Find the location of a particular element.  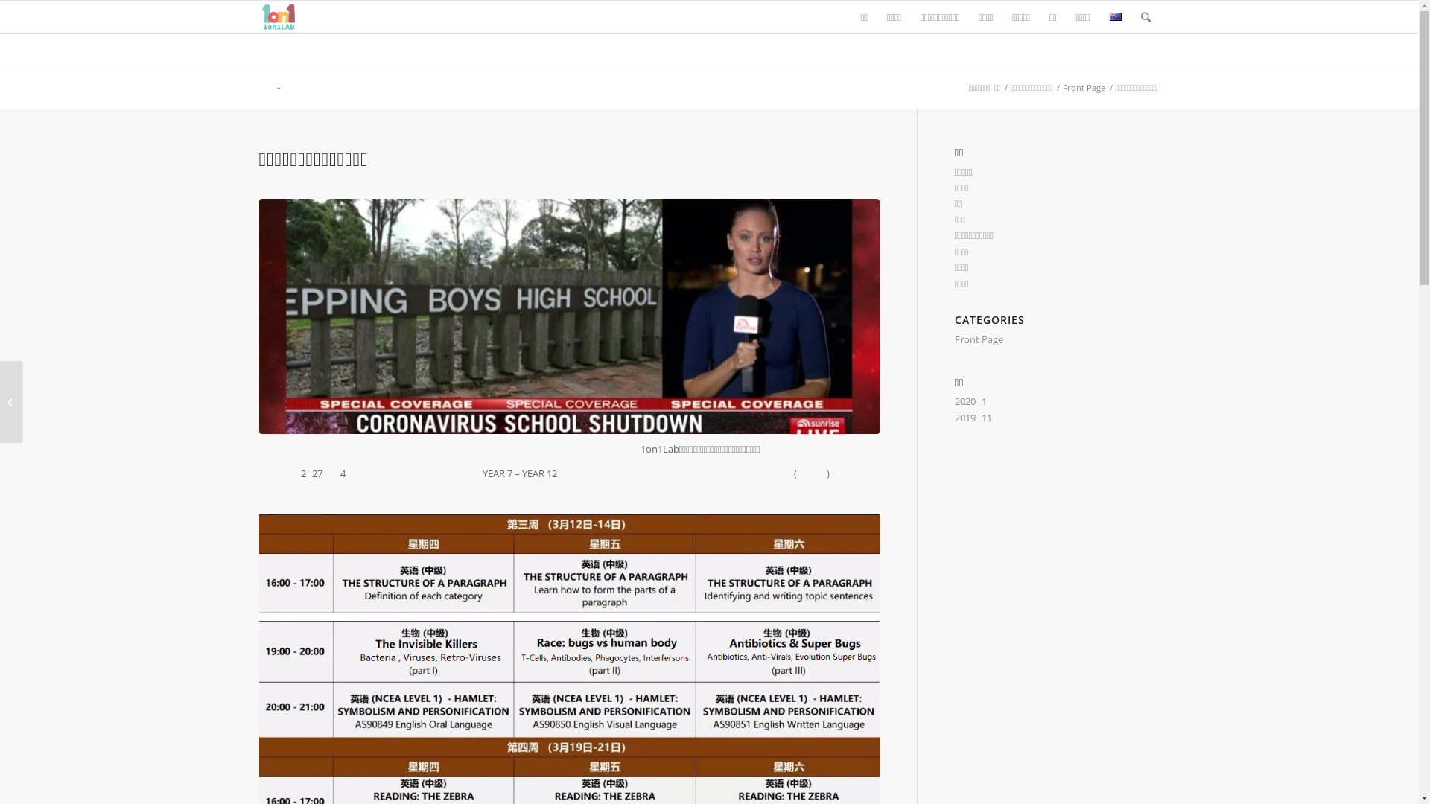

'English' is located at coordinates (1115, 16).